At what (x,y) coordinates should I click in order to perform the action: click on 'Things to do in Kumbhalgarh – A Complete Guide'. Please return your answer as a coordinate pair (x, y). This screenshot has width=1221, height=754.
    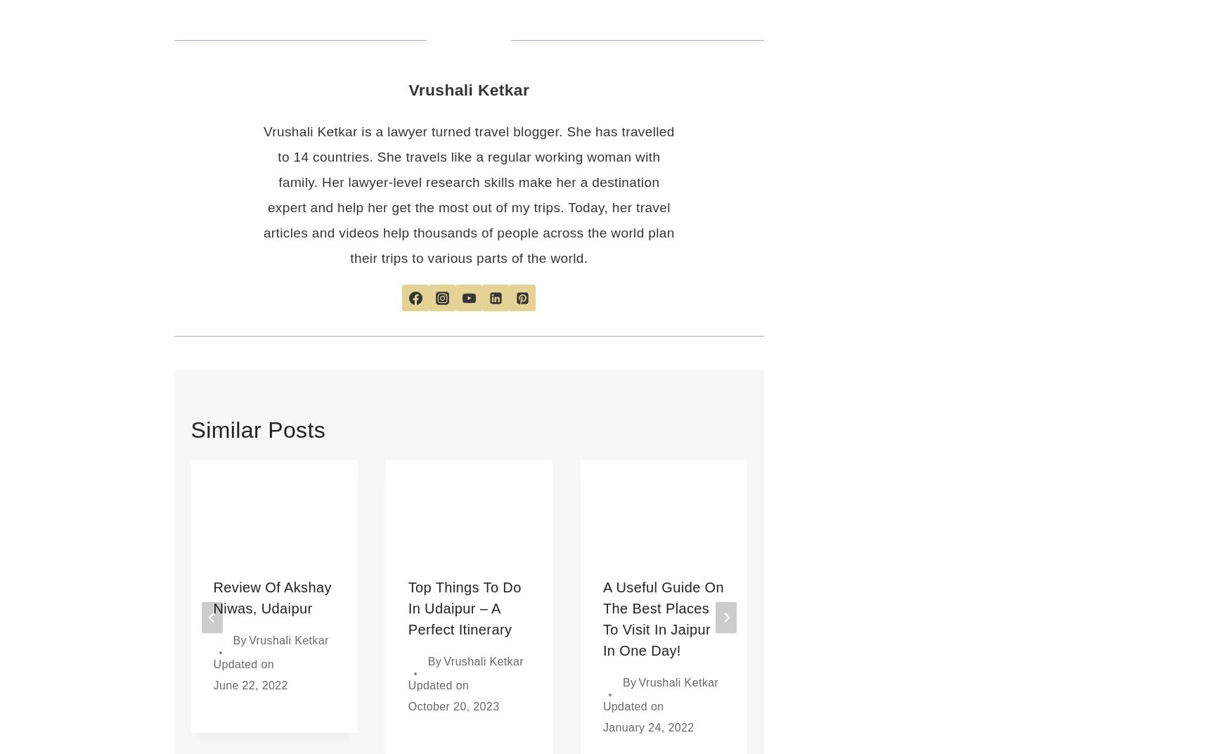
    Looking at the image, I should click on (1048, 607).